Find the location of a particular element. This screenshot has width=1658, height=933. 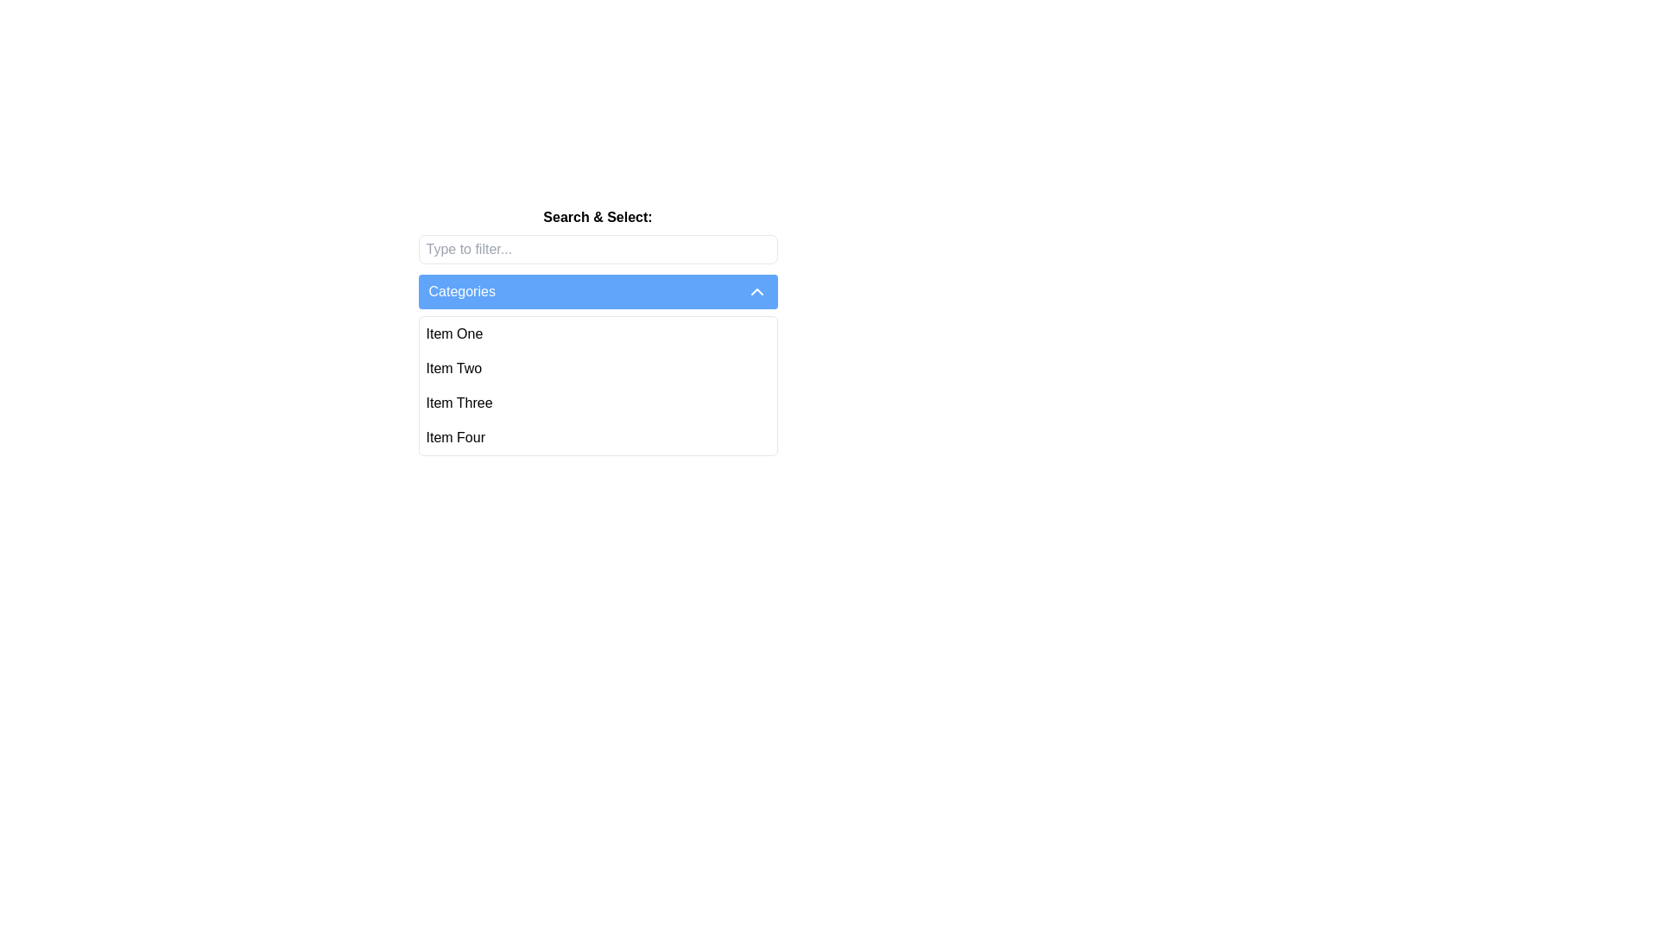

the 'Item Two' text label in the dropdown menu under the 'Categories' header is located at coordinates (453, 368).